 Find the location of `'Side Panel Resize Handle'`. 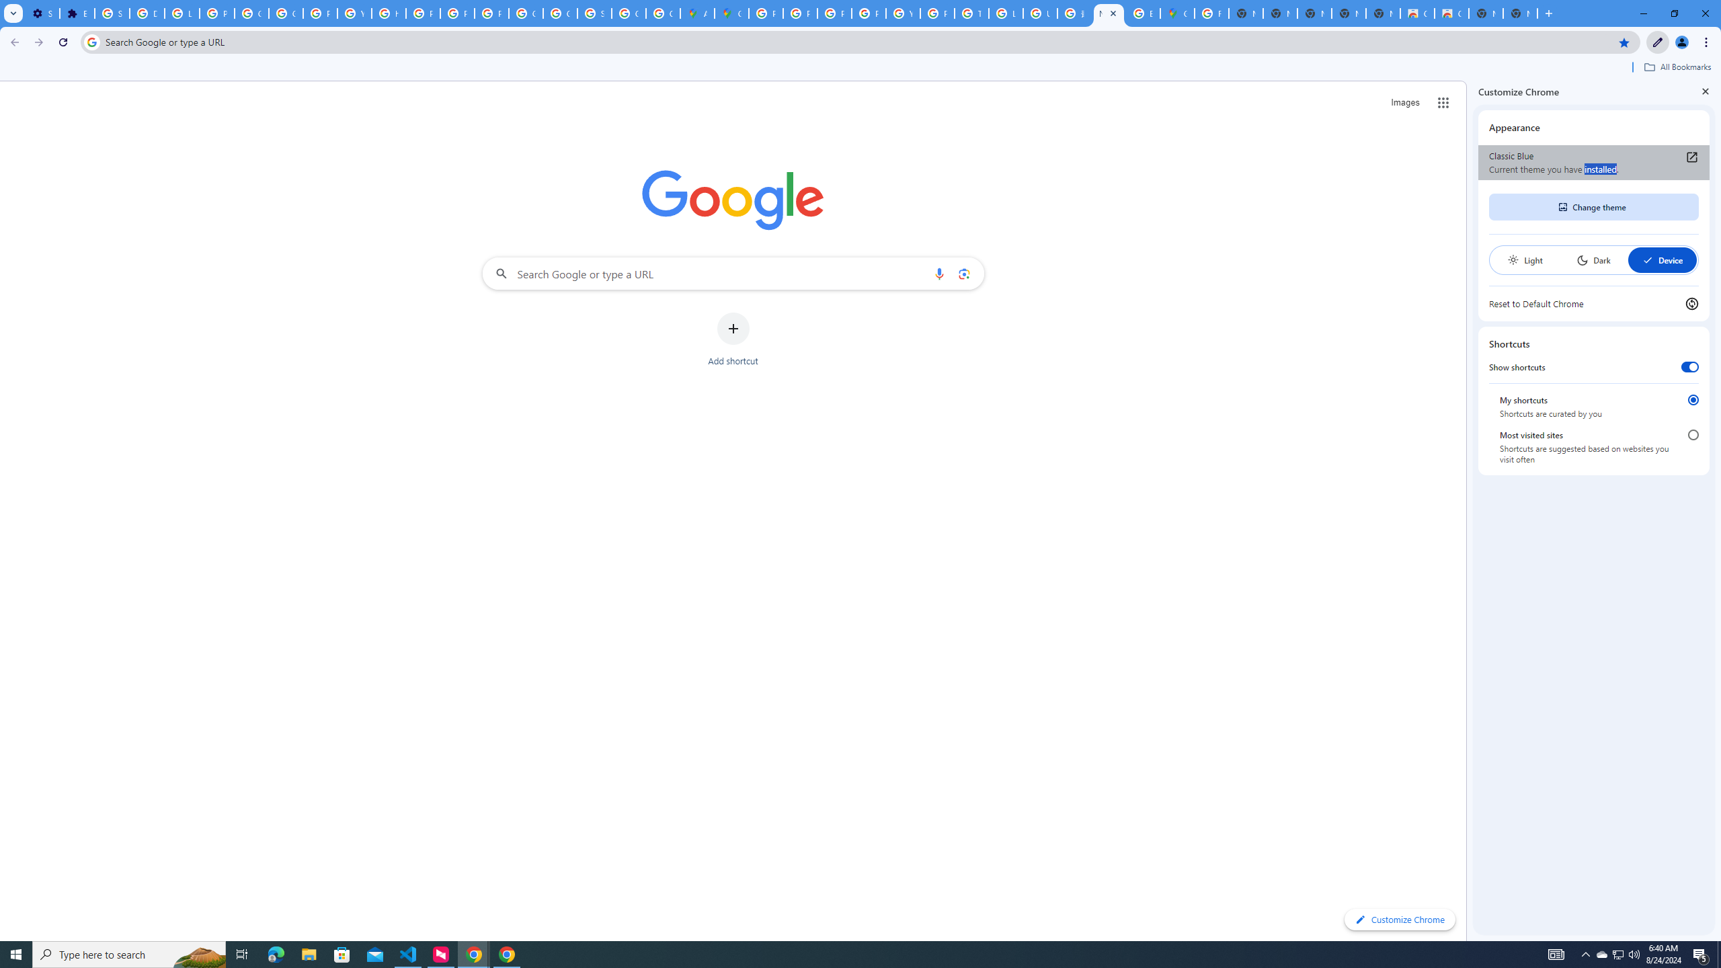

'Side Panel Resize Handle' is located at coordinates (1469, 510).